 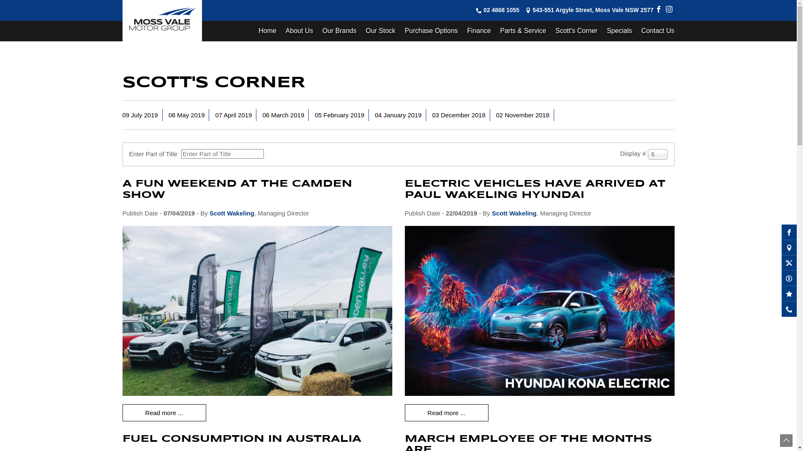 I want to click on '543-551 Argyle Street, Moss Vale NSW 2577', so click(x=532, y=10).